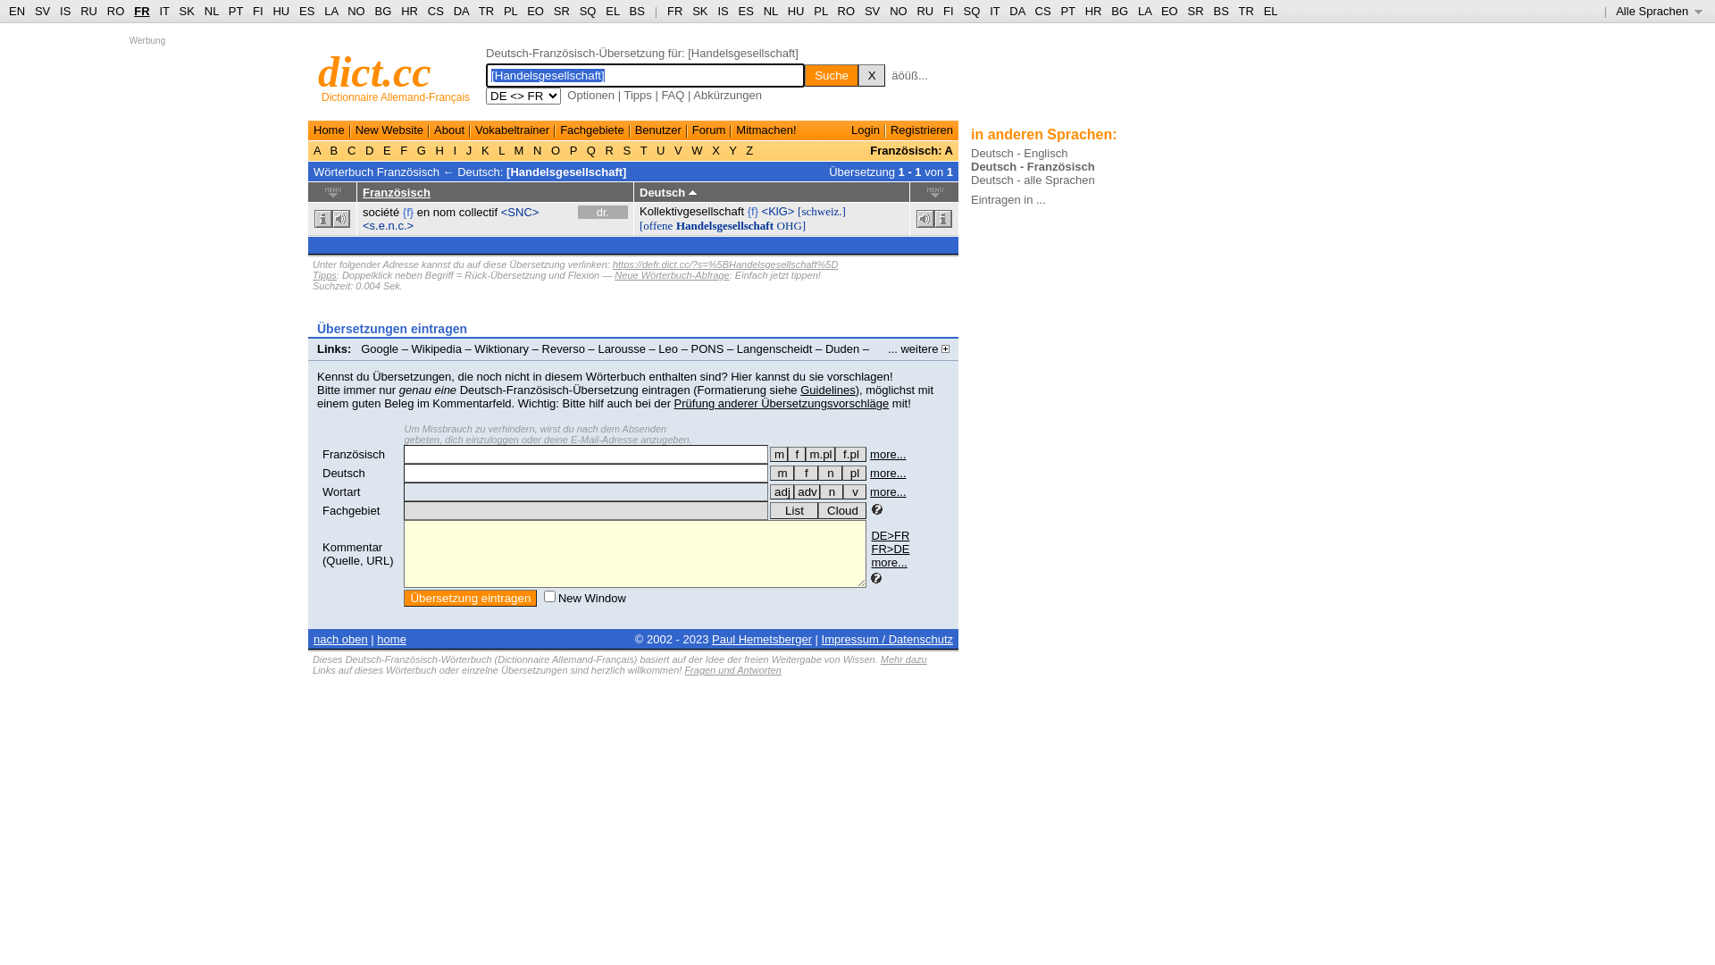 The height and width of the screenshot is (965, 1715). I want to click on 'Z', so click(742, 149).